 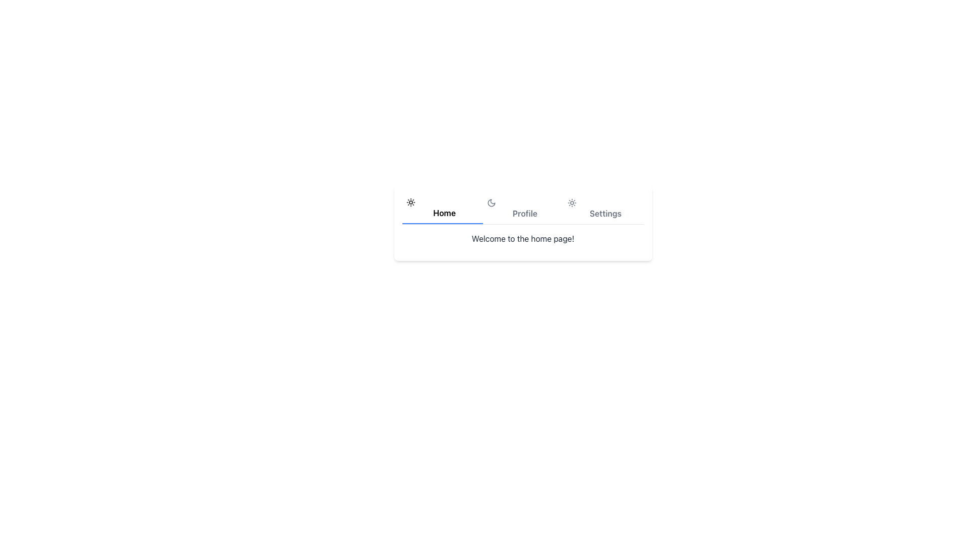 I want to click on text label 'Home' which indicates the active page in the navigation menu, so click(x=444, y=213).